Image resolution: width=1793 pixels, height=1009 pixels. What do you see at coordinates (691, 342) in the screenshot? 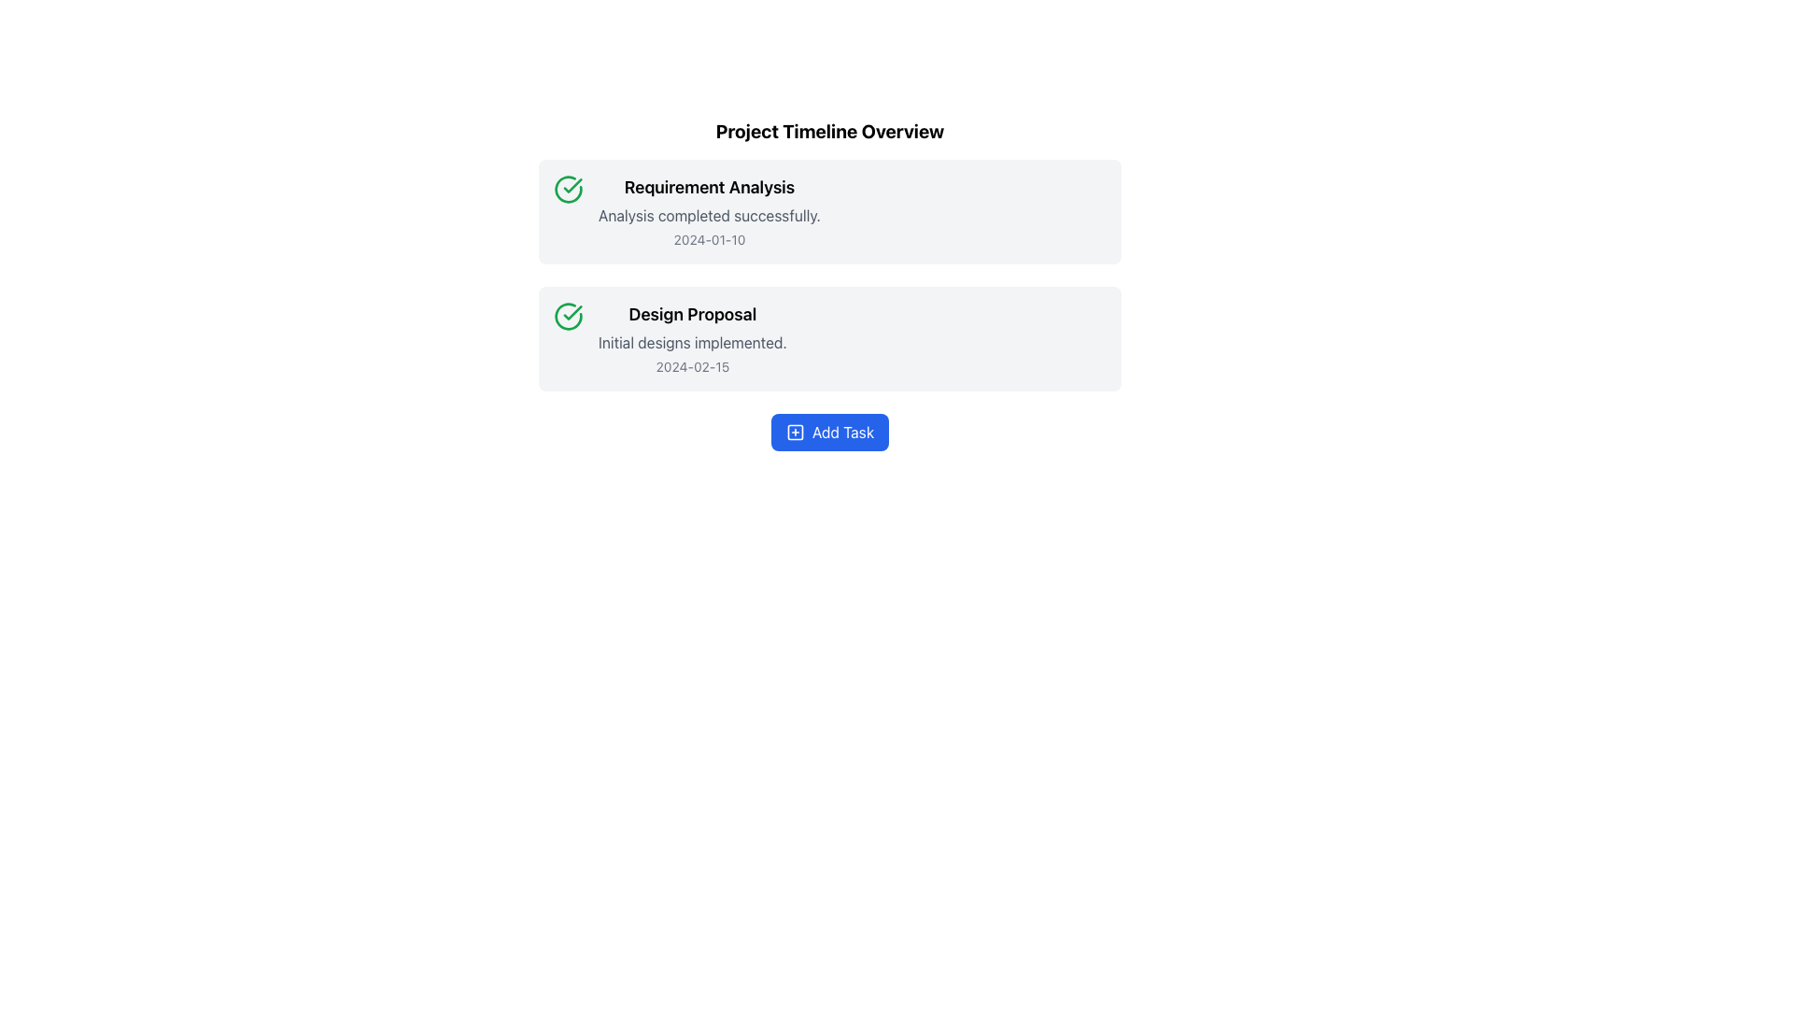
I see `the static text label displaying 'Initial designs implemented.' which is positioned below 'Design Proposal' and above the date '2024-02-15'` at bounding box center [691, 342].